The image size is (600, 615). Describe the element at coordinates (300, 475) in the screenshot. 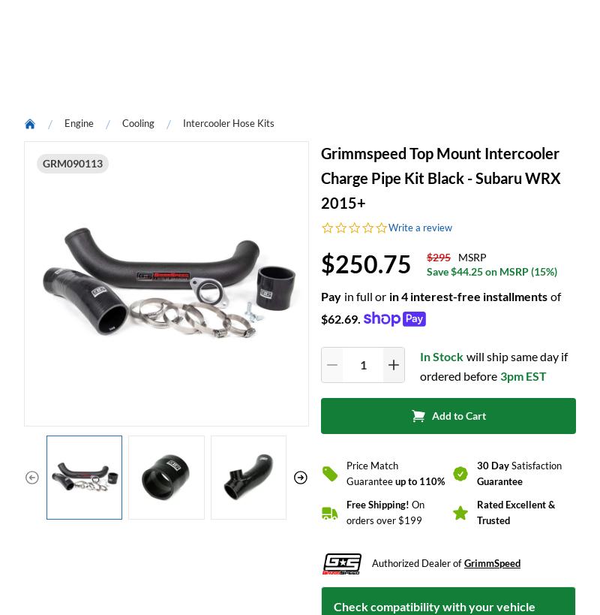

I see `'be the first to write a review'` at that location.